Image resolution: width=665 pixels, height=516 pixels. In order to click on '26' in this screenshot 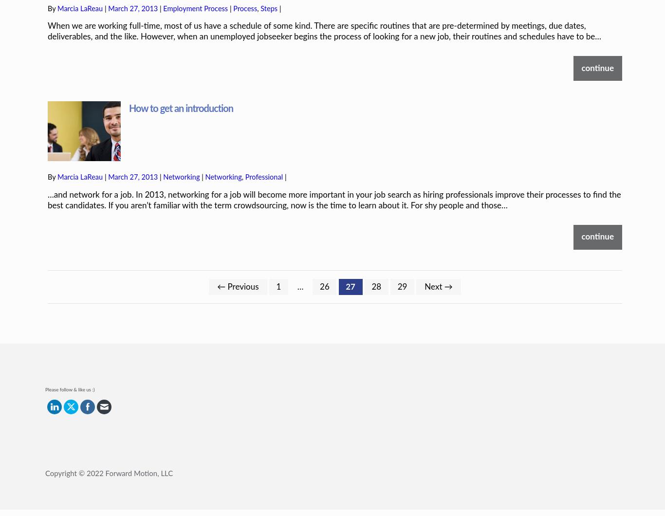, I will do `click(319, 253)`.